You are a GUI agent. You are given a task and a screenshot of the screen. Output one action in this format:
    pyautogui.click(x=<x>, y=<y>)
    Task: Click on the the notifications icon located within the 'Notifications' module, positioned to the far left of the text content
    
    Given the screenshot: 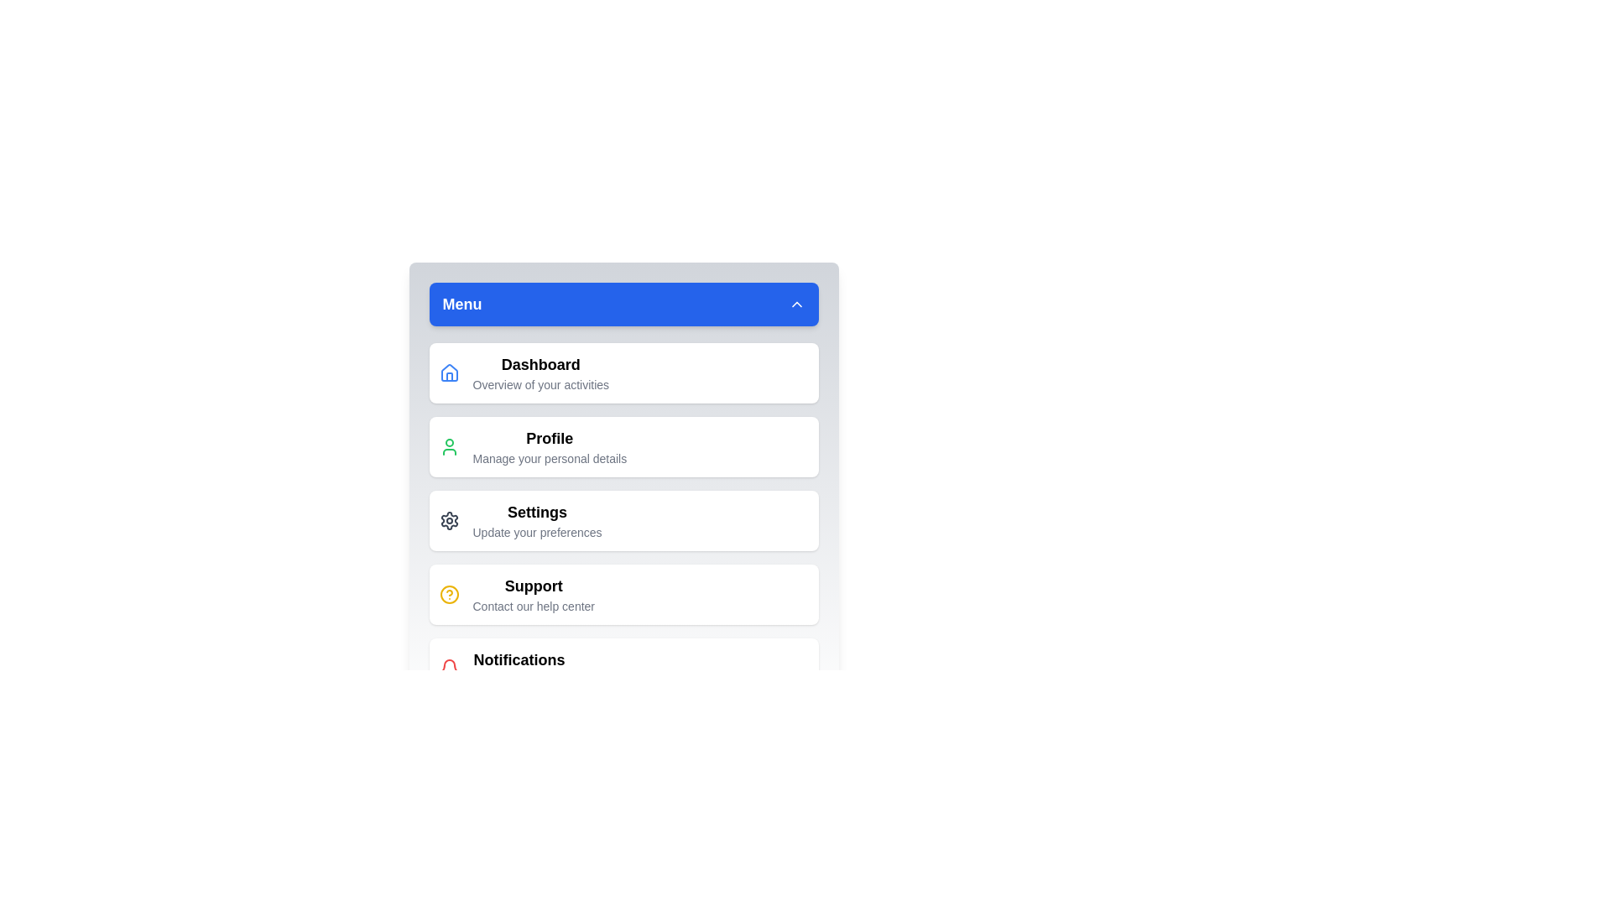 What is the action you would take?
    pyautogui.click(x=449, y=668)
    